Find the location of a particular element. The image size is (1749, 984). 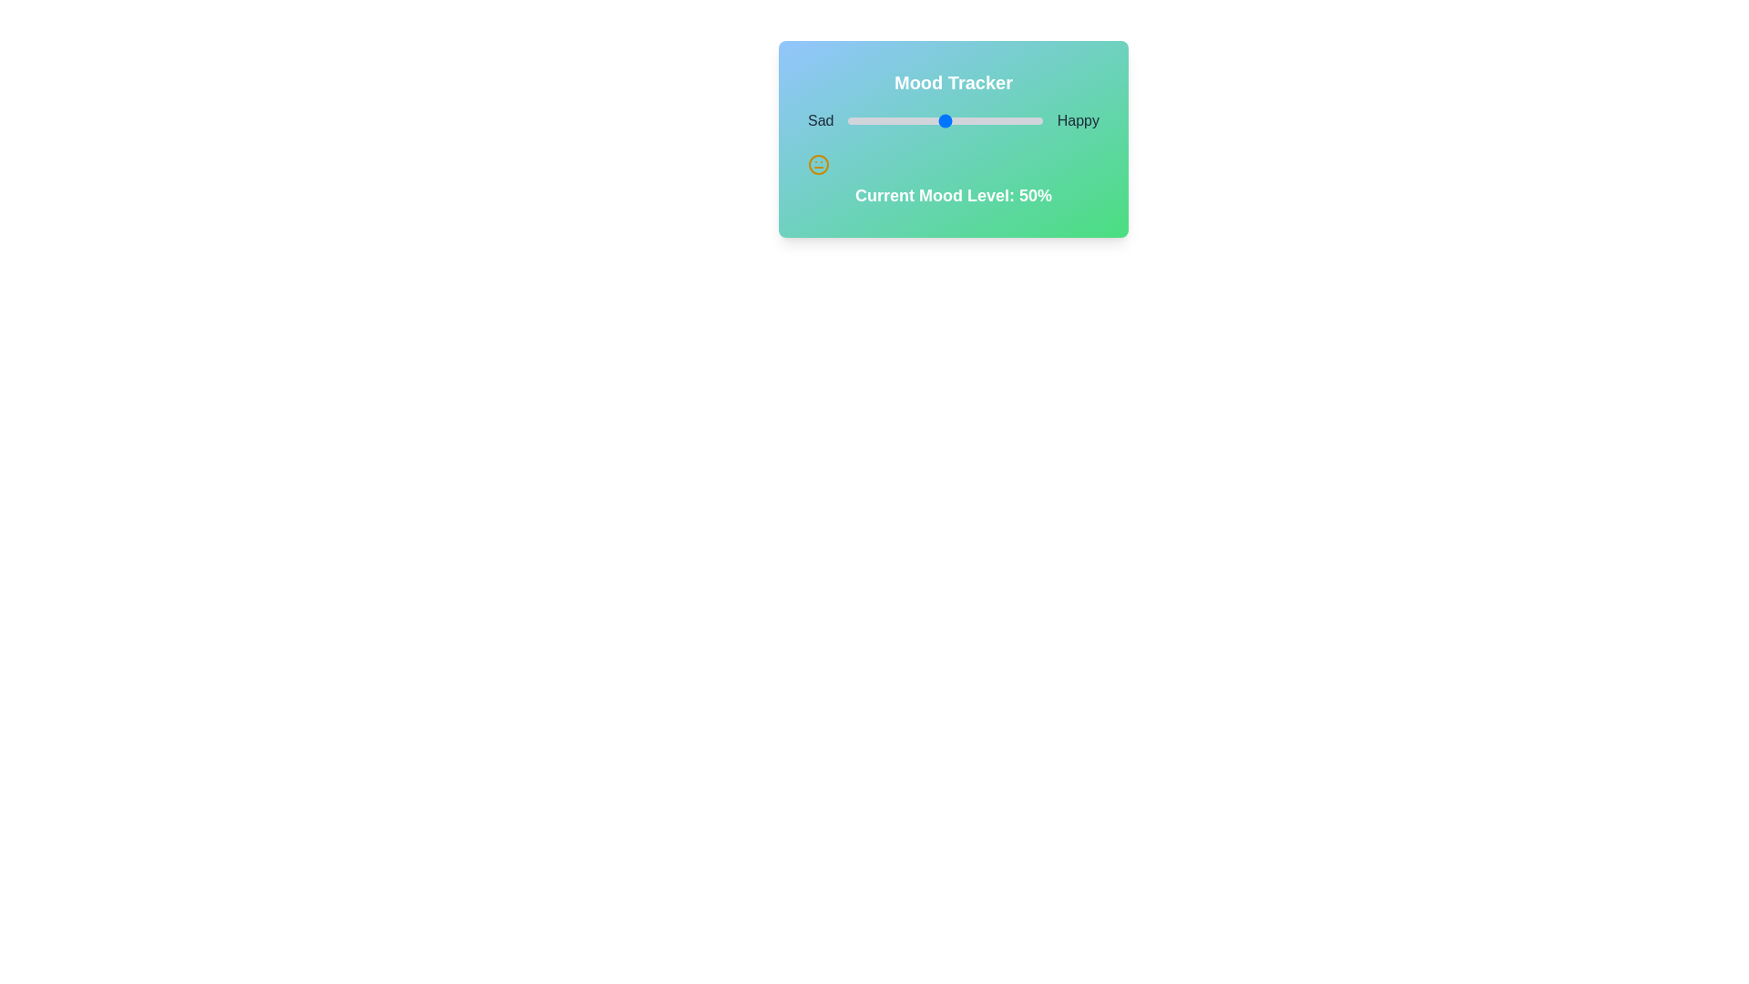

the mood slider to set the mood value to 85 is located at coordinates (1012, 120).